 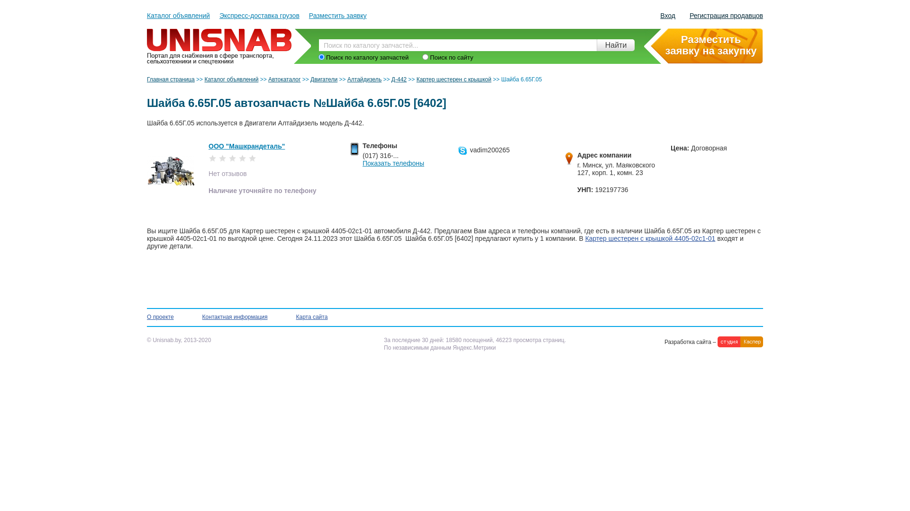 I want to click on 'Unisnab', so click(x=220, y=31).